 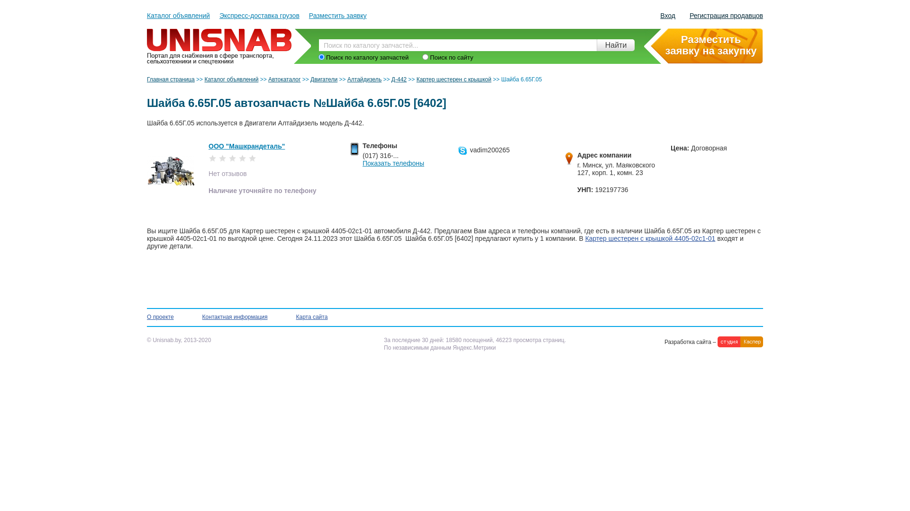 I want to click on 'Unisnab', so click(x=220, y=31).